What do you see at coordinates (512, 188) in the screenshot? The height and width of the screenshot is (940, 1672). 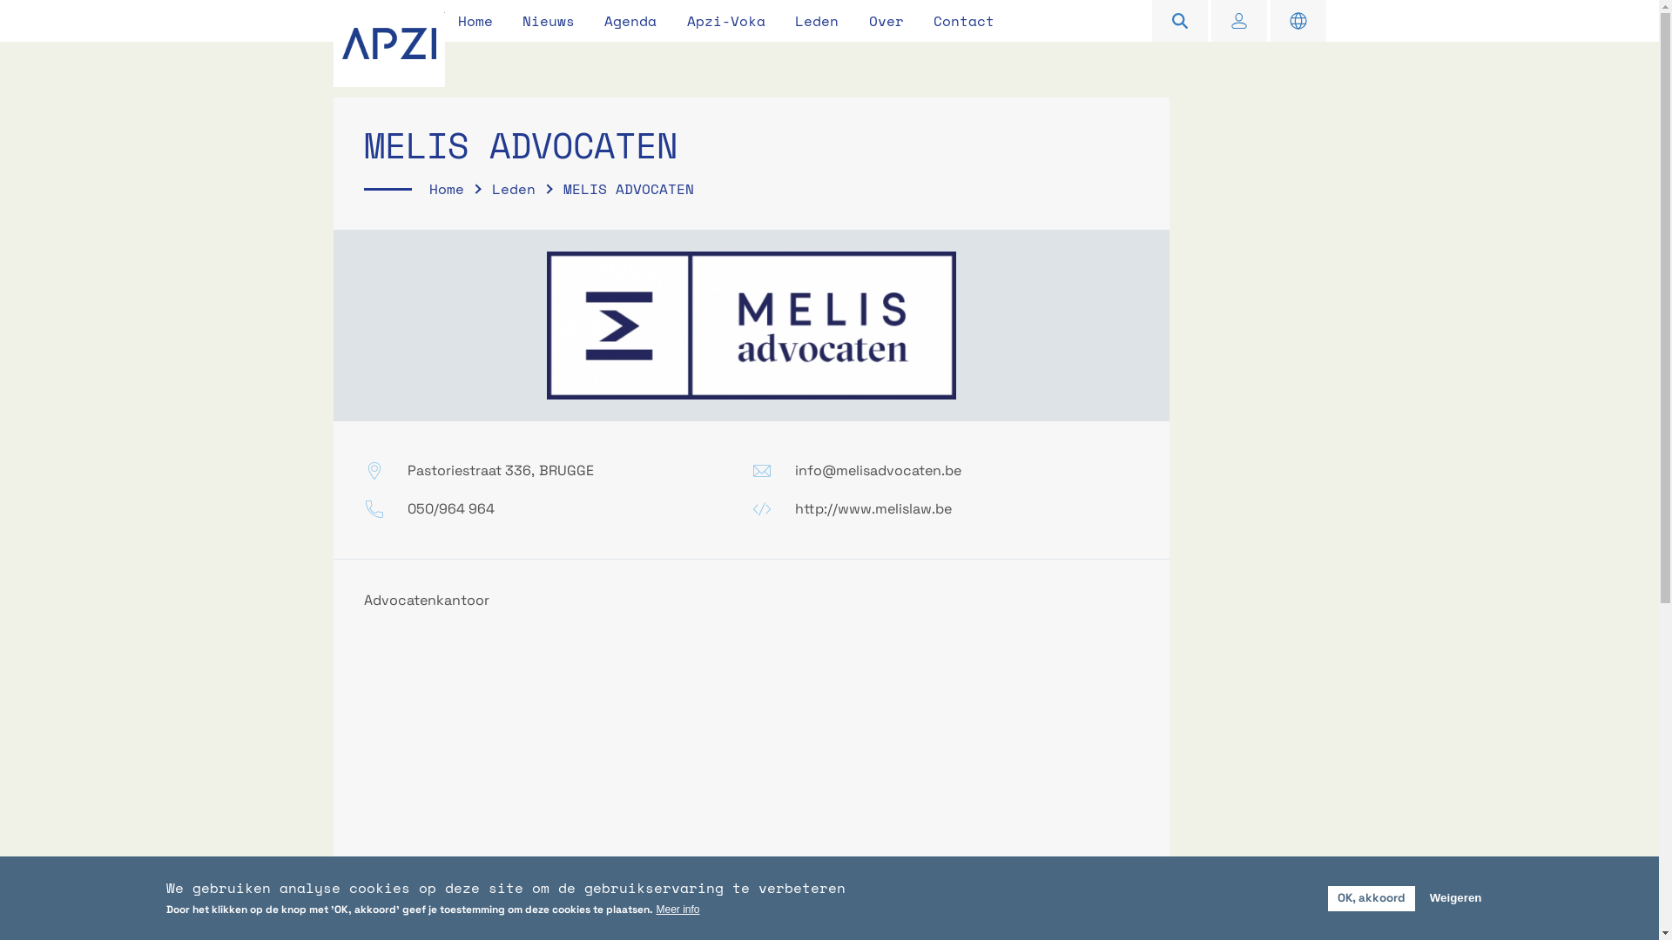 I see `'Leden'` at bounding box center [512, 188].